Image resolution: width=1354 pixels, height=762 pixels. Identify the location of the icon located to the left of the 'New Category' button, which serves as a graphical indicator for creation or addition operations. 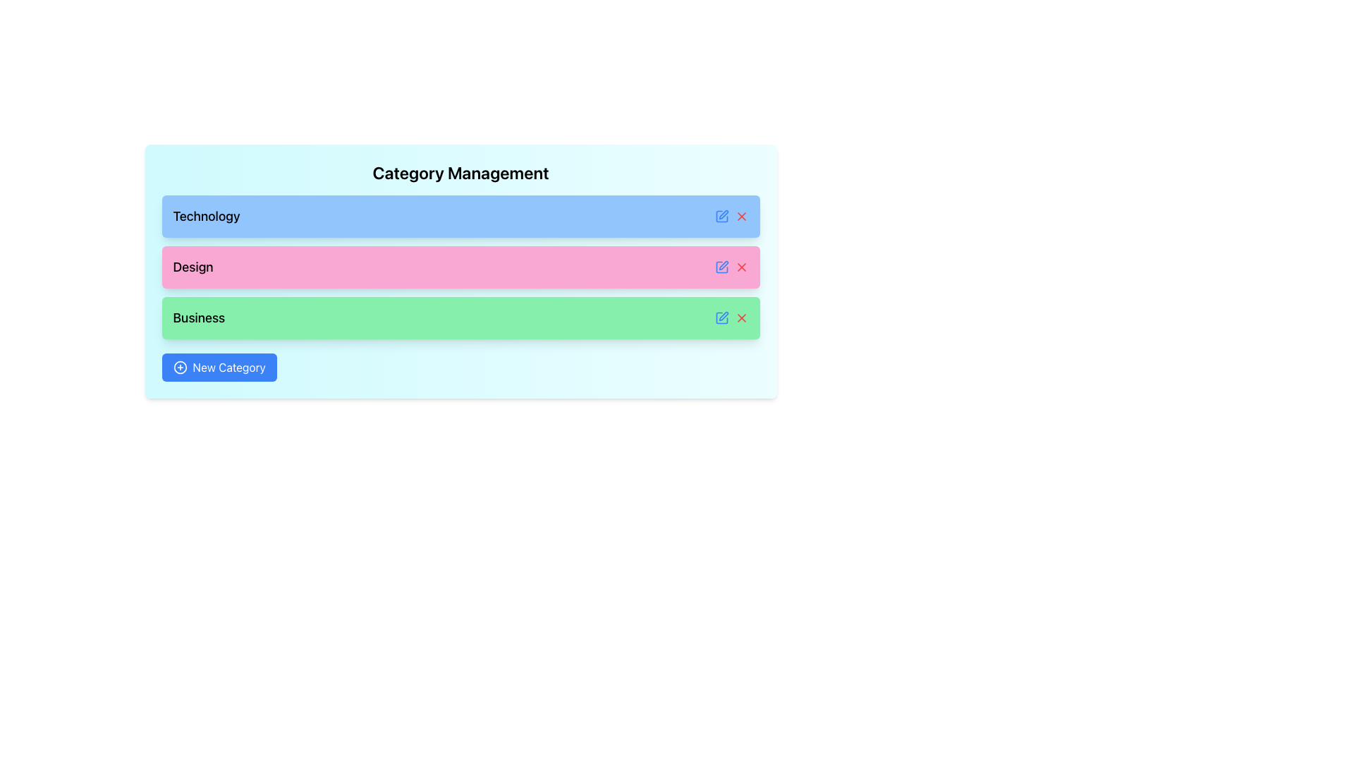
(179, 366).